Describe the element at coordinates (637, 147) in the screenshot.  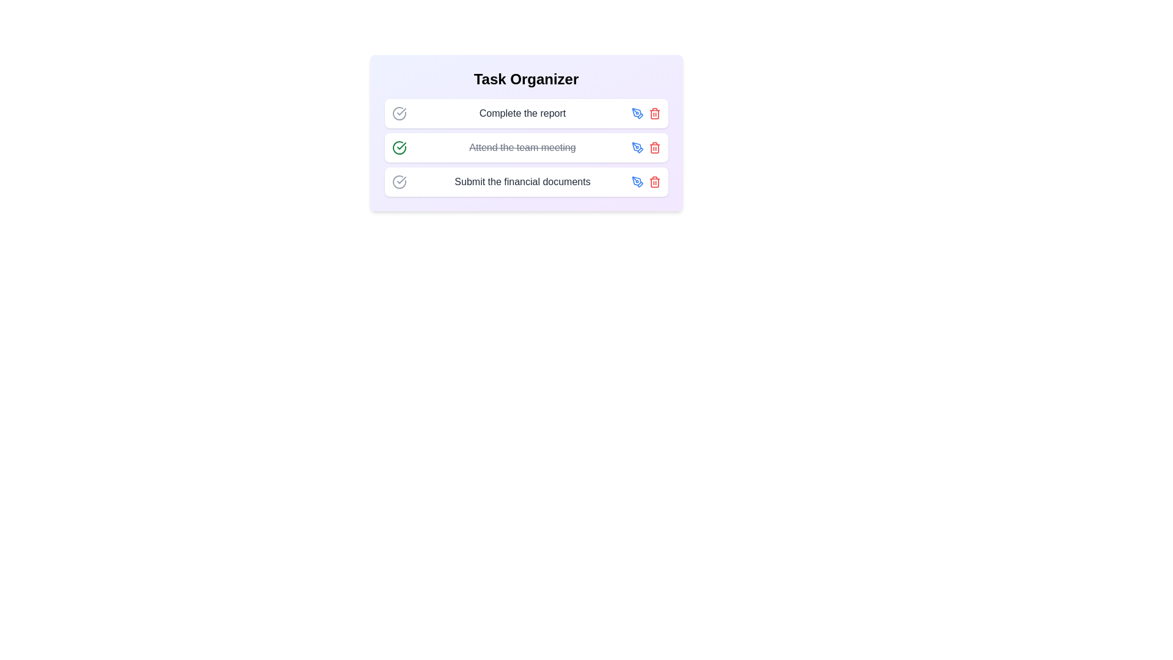
I see `the edit icon for the task 'Attend the team meeting' to edit its details` at that location.